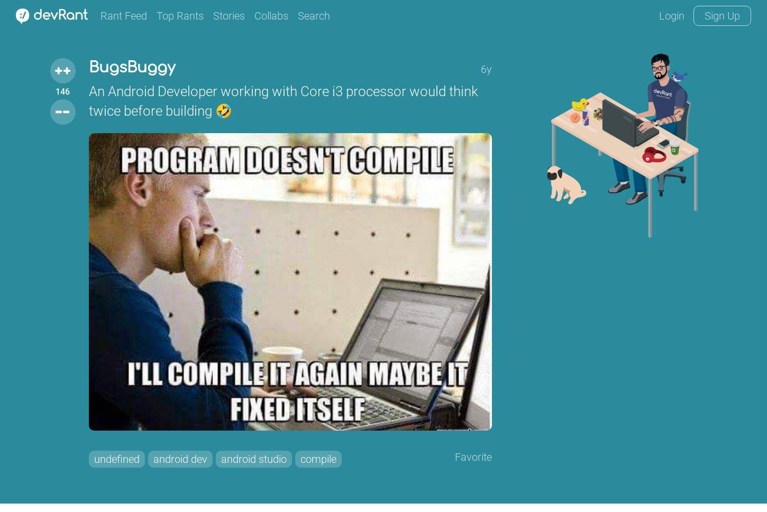 This screenshot has height=512, width=767. I want to click on 'BugsBuggy', so click(131, 68).